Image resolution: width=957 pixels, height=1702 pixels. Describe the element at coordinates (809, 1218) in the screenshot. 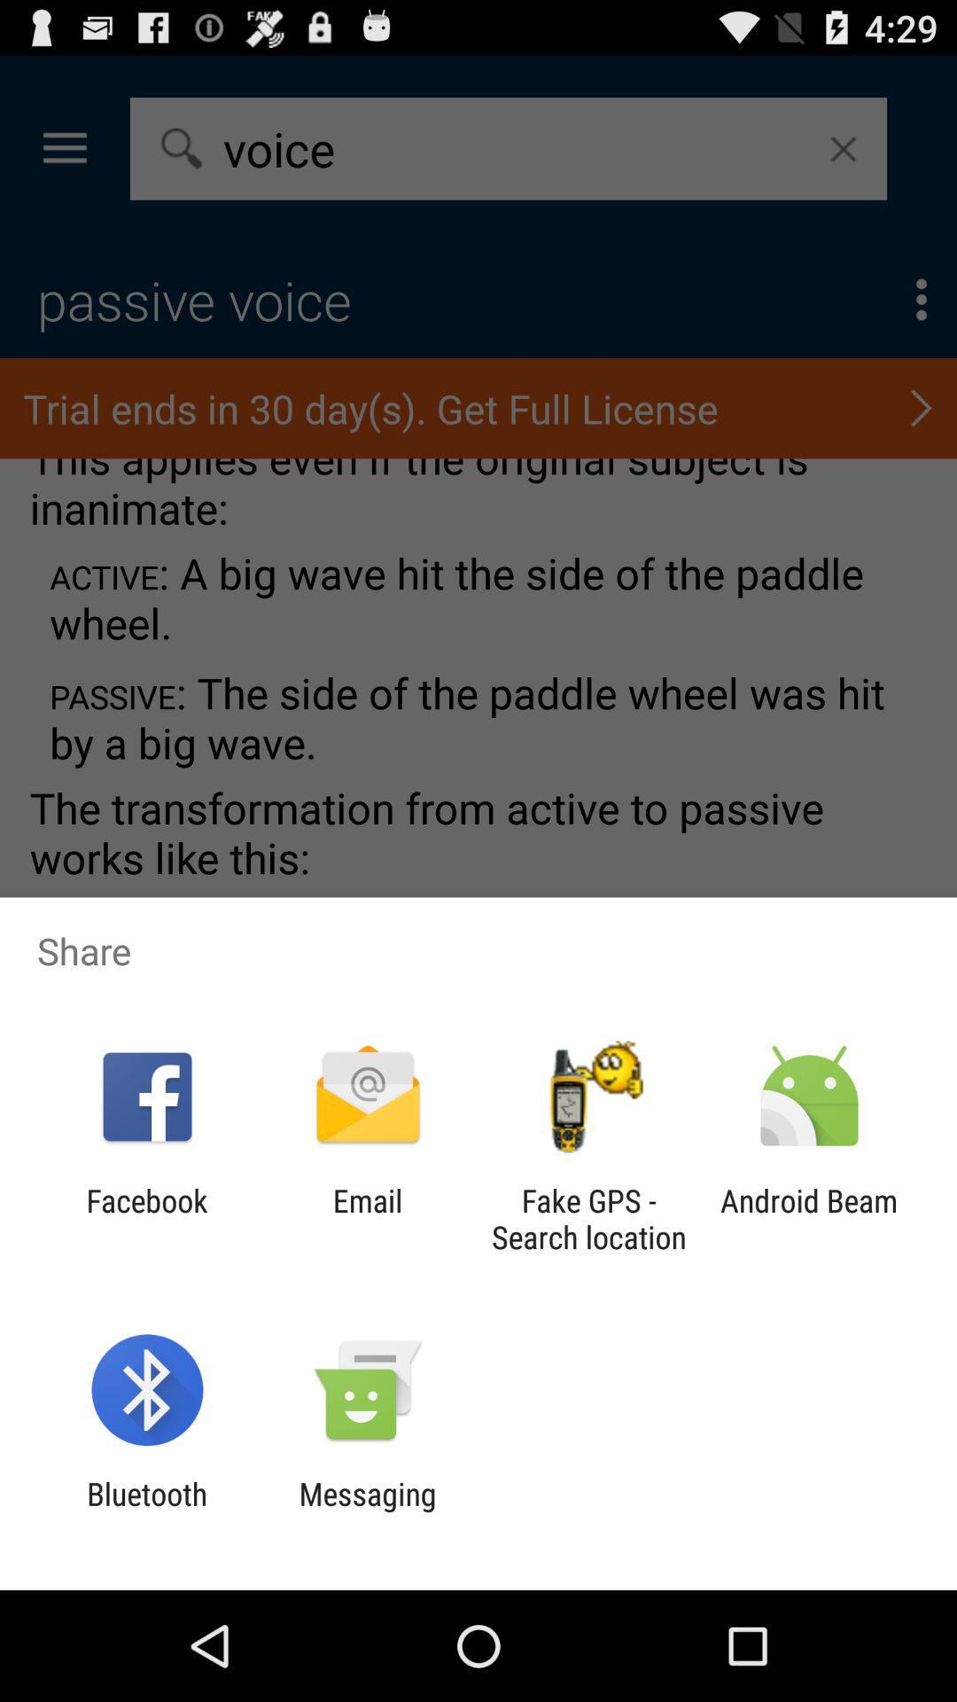

I see `the android beam icon` at that location.